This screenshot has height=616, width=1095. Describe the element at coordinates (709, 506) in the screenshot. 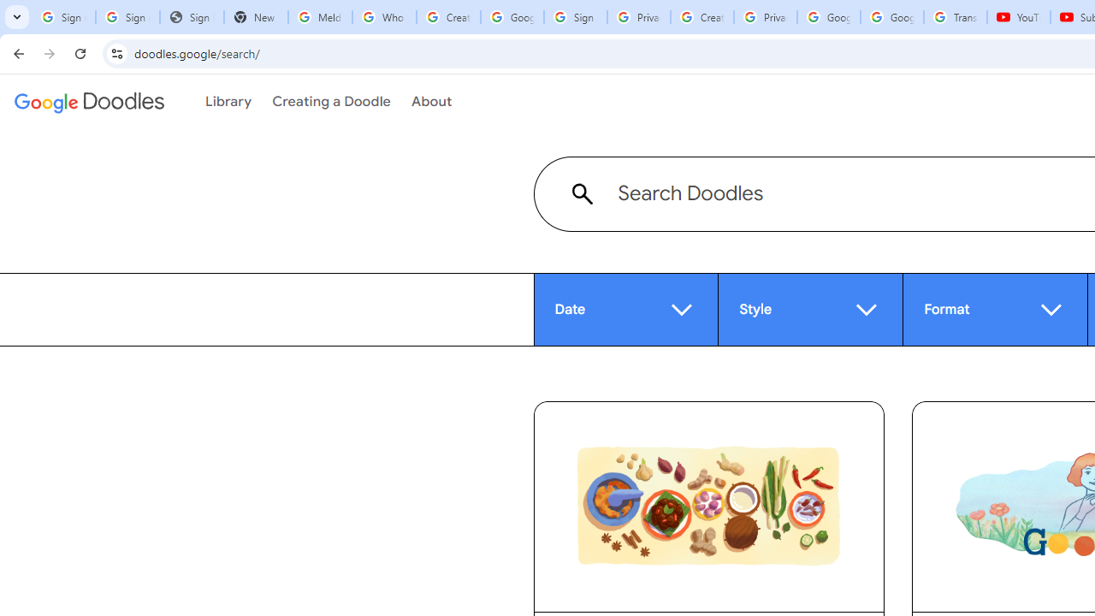

I see `'Celebrating Rendang'` at that location.